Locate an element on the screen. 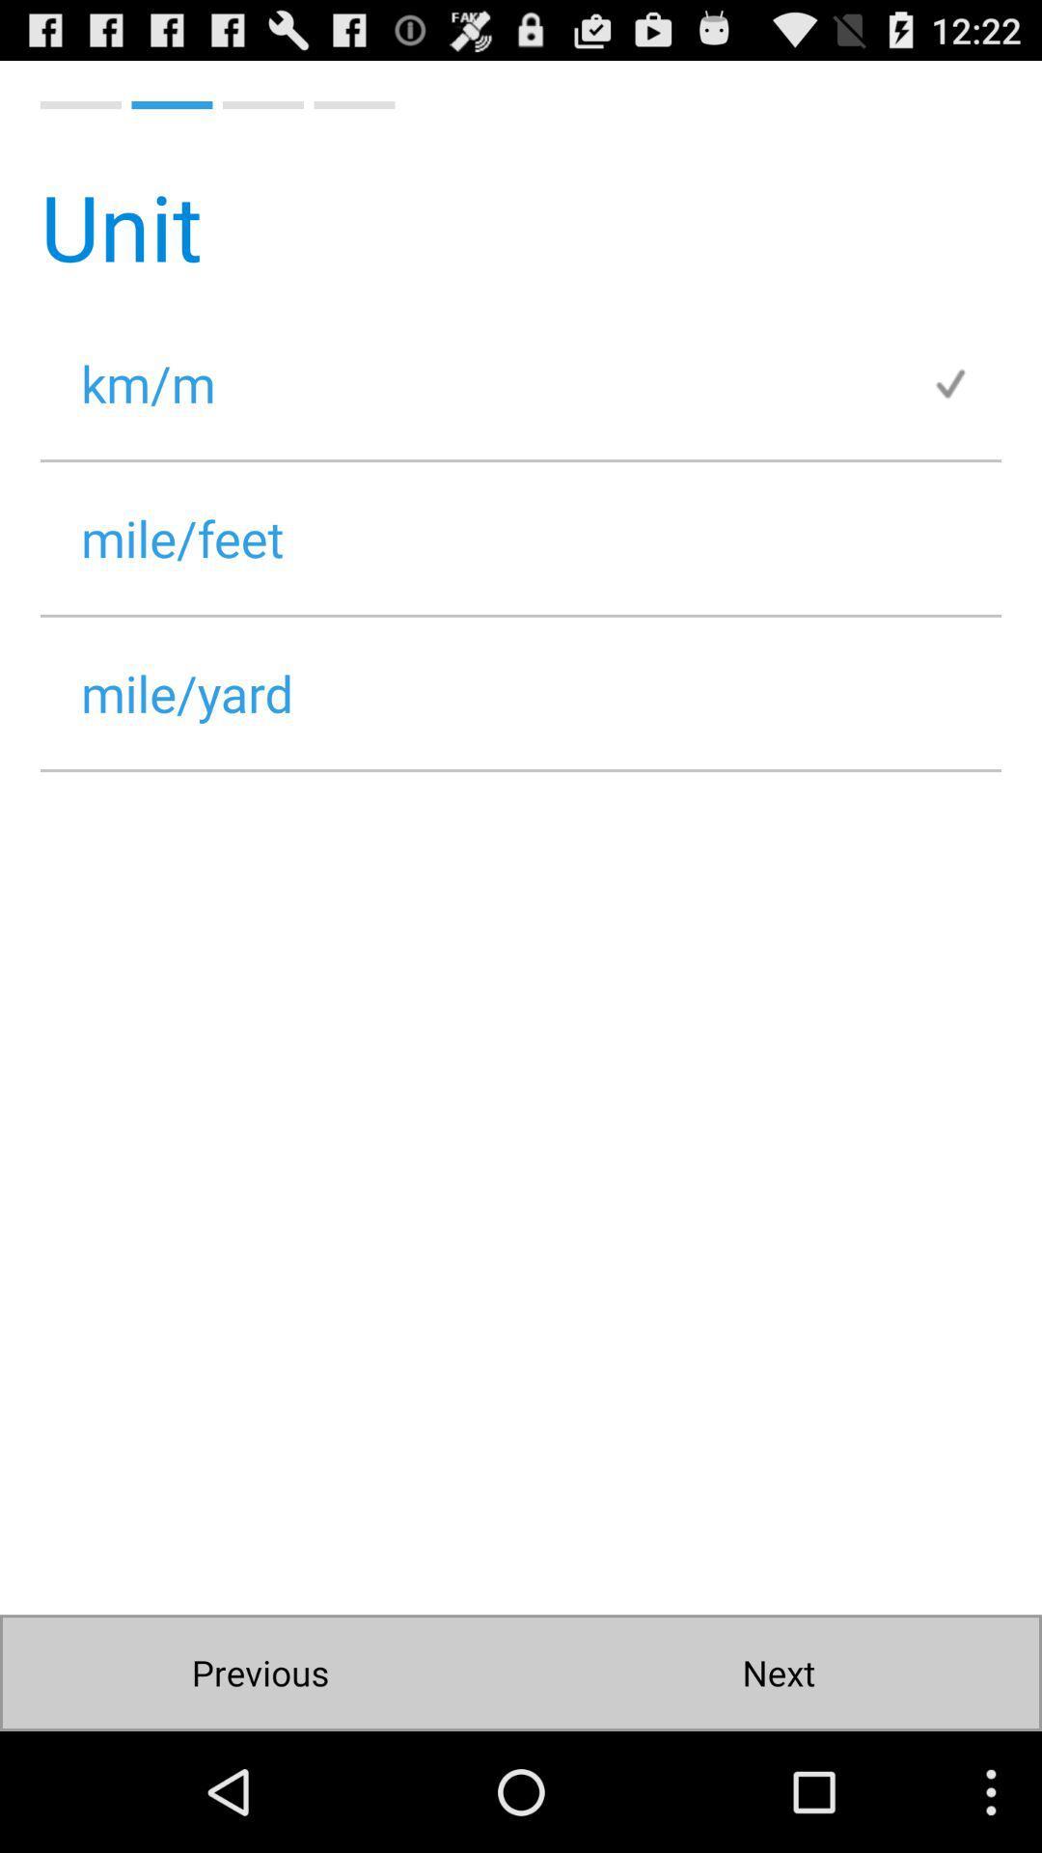 This screenshot has height=1853, width=1042. km/m icon is located at coordinates (484, 383).